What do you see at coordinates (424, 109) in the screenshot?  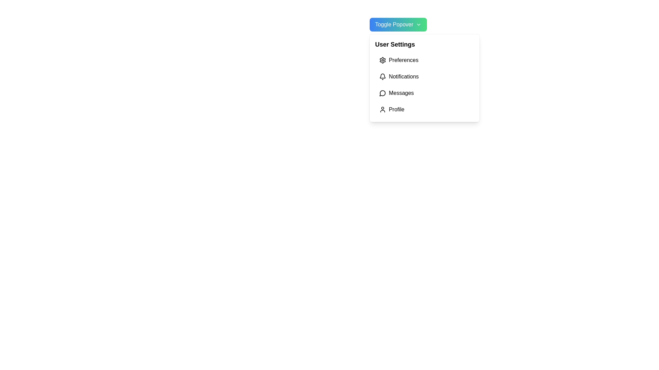 I see `the 'Profile' menu option, which is the last item in the vertical menu under 'User Settings'` at bounding box center [424, 109].